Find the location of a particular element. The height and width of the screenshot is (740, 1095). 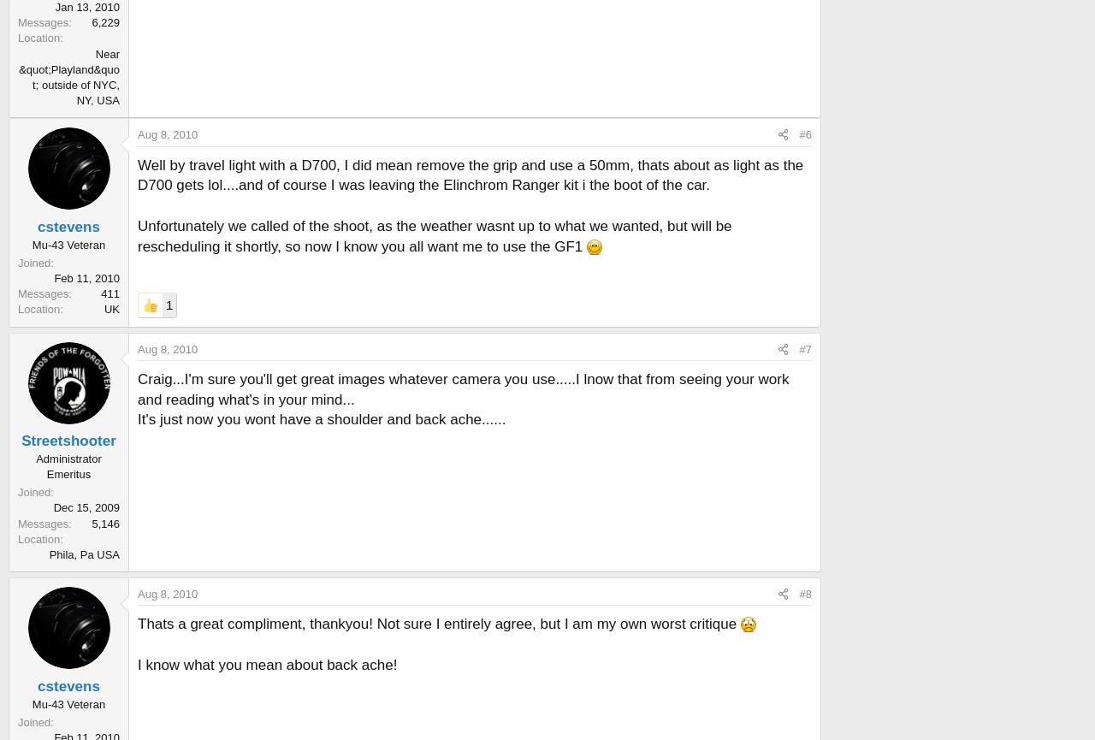

'I know what you mean about back ache!' is located at coordinates (138, 663).